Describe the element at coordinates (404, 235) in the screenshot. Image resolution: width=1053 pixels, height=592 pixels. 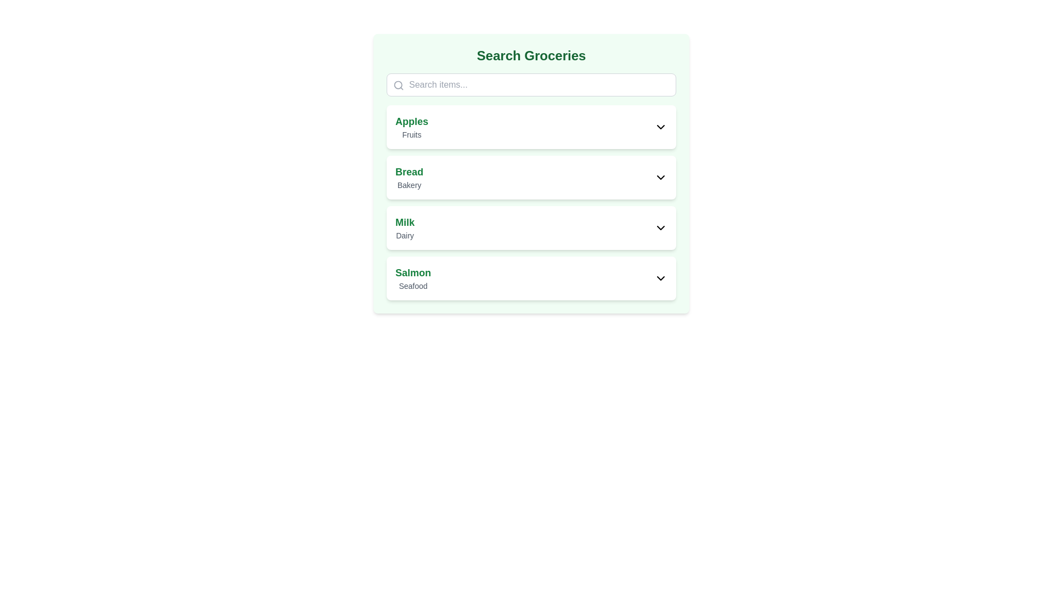
I see `the text label 'Dairy', which is styled in a small gray font and positioned below the 'Milk' heading in the grocery options card` at that location.